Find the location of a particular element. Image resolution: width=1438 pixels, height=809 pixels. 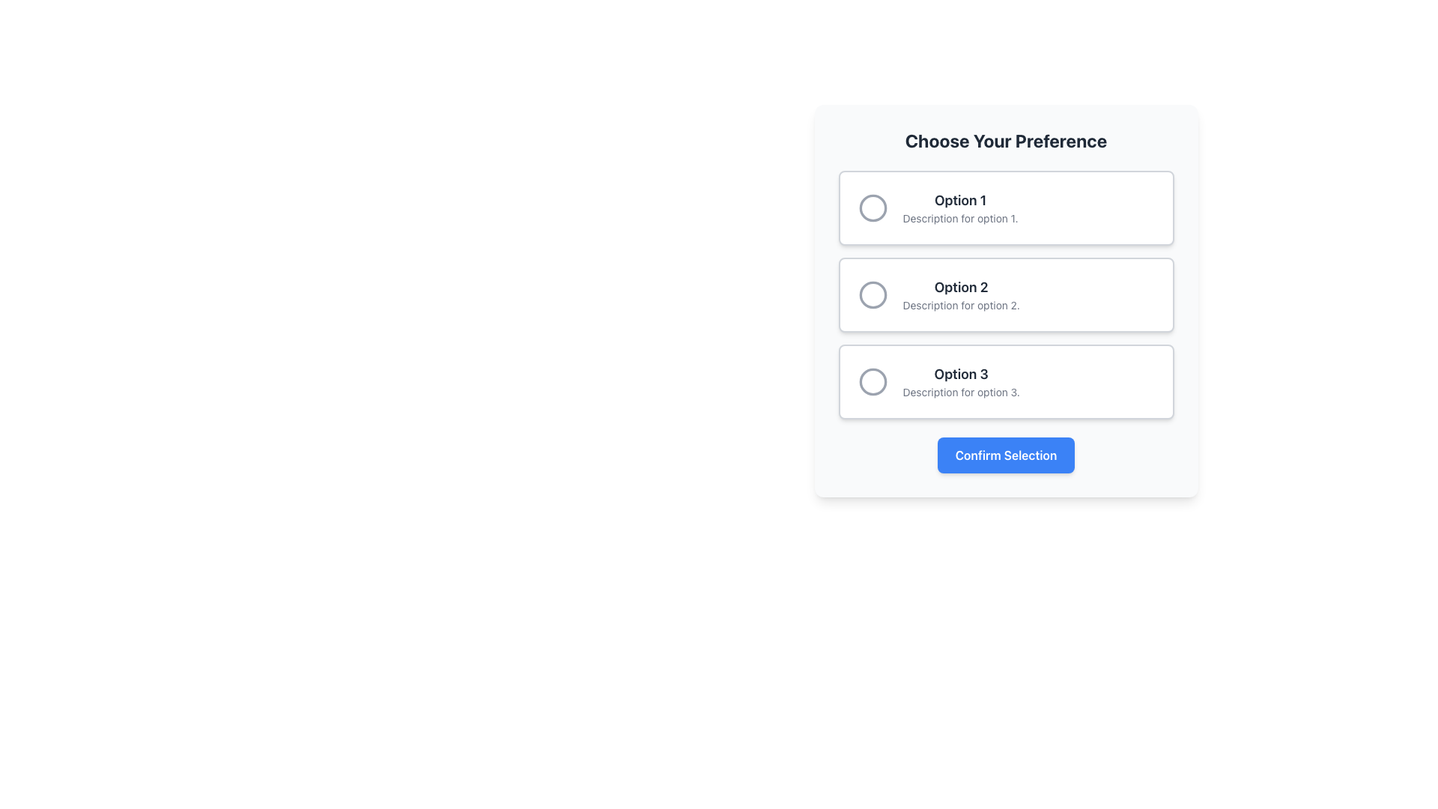

the small gray text that reads 'Description for option 1', which is located directly beneath the bold text 'Option 1' in the top-most box of the three options is located at coordinates (960, 219).